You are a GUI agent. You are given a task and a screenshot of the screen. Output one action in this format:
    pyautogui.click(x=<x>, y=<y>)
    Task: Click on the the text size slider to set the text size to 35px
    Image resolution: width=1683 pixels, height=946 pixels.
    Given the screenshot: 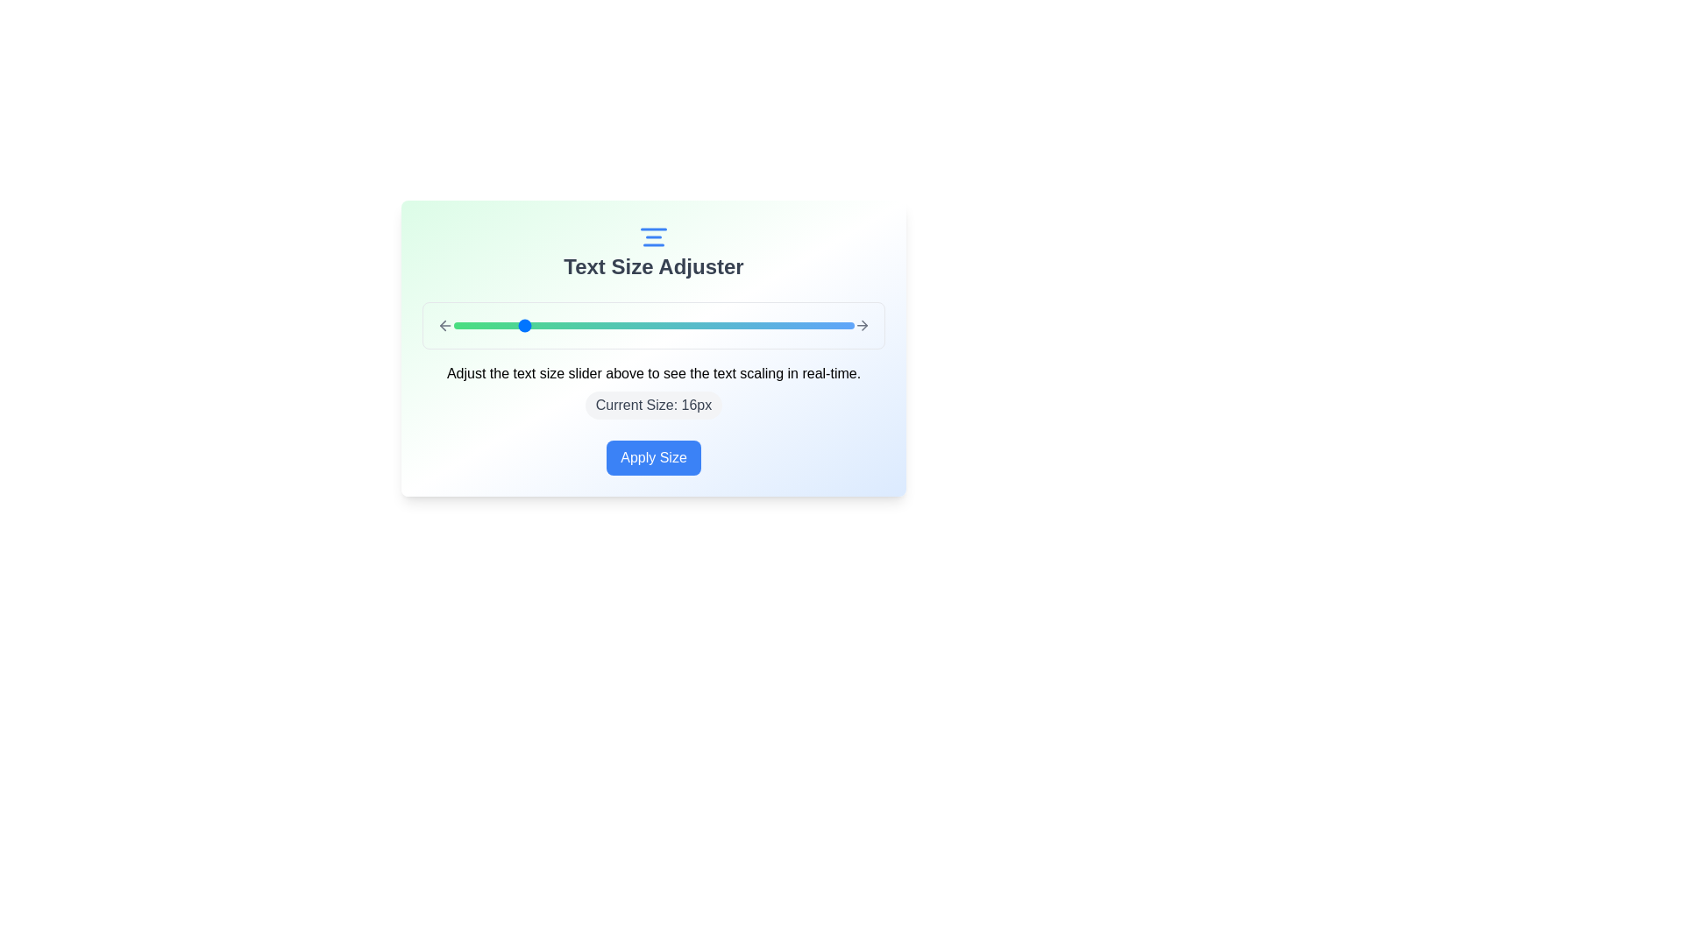 What is the action you would take?
    pyautogui.click(x=836, y=325)
    